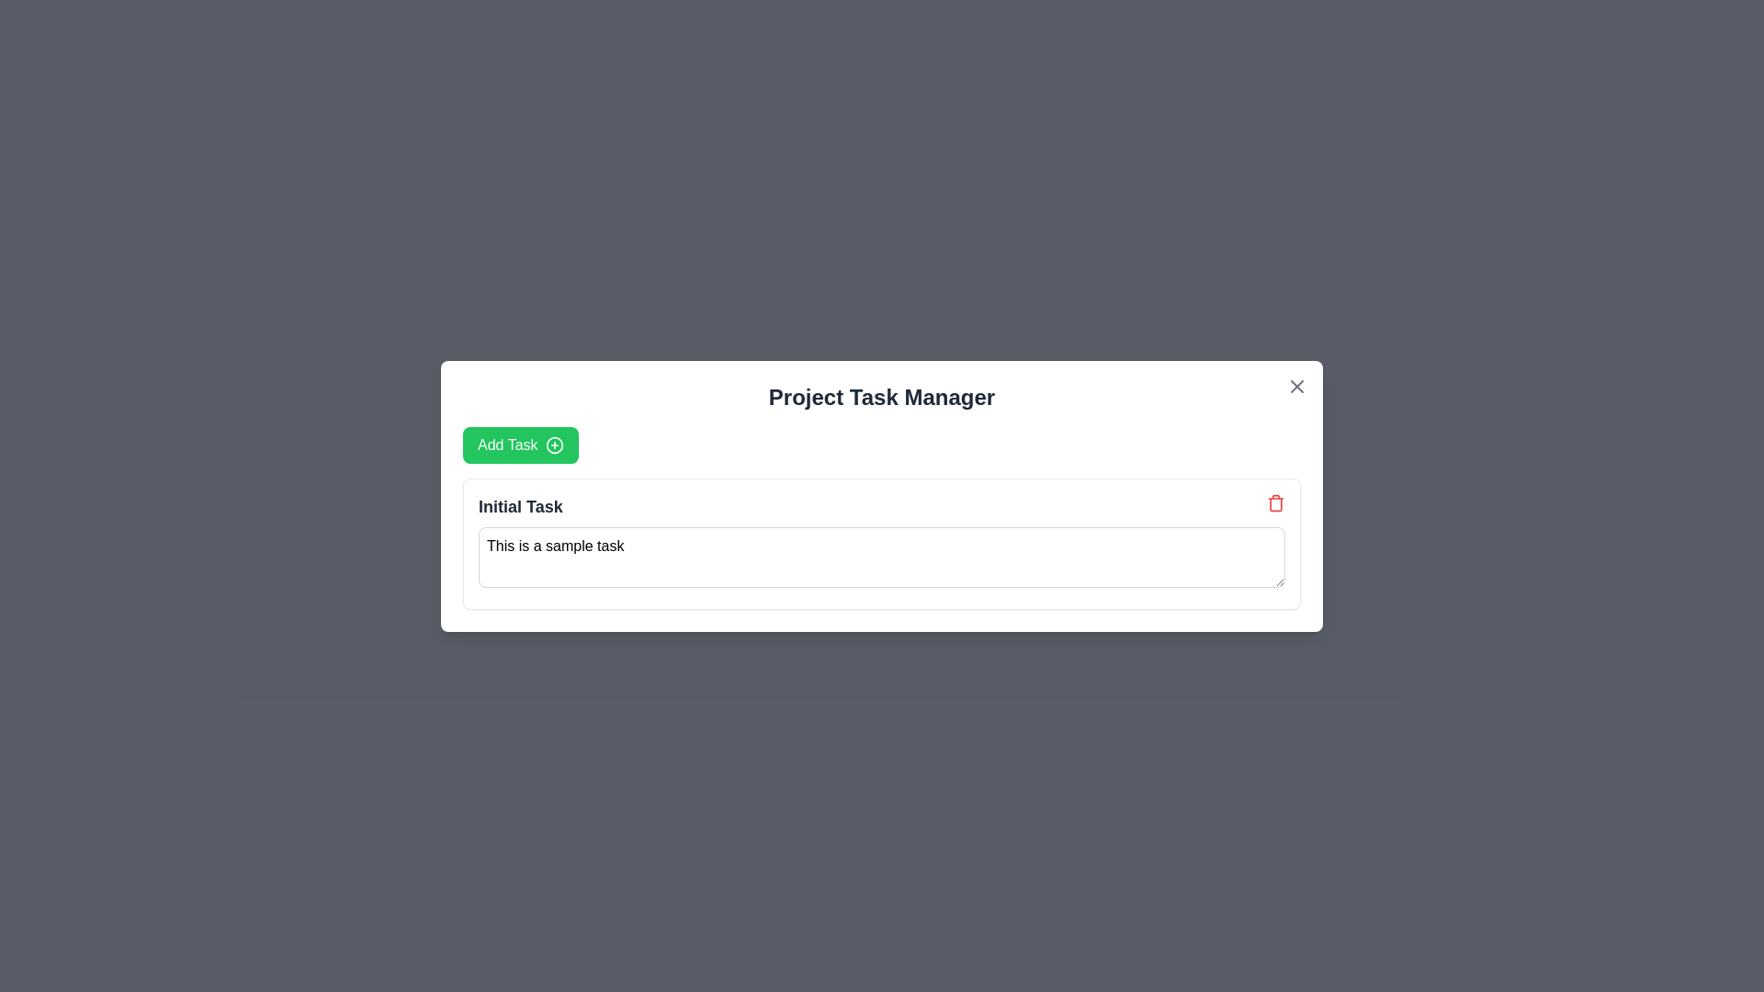  Describe the element at coordinates (553, 445) in the screenshot. I see `the small circular '+' icon with a green border located at the far right of the 'Add Task' button` at that location.